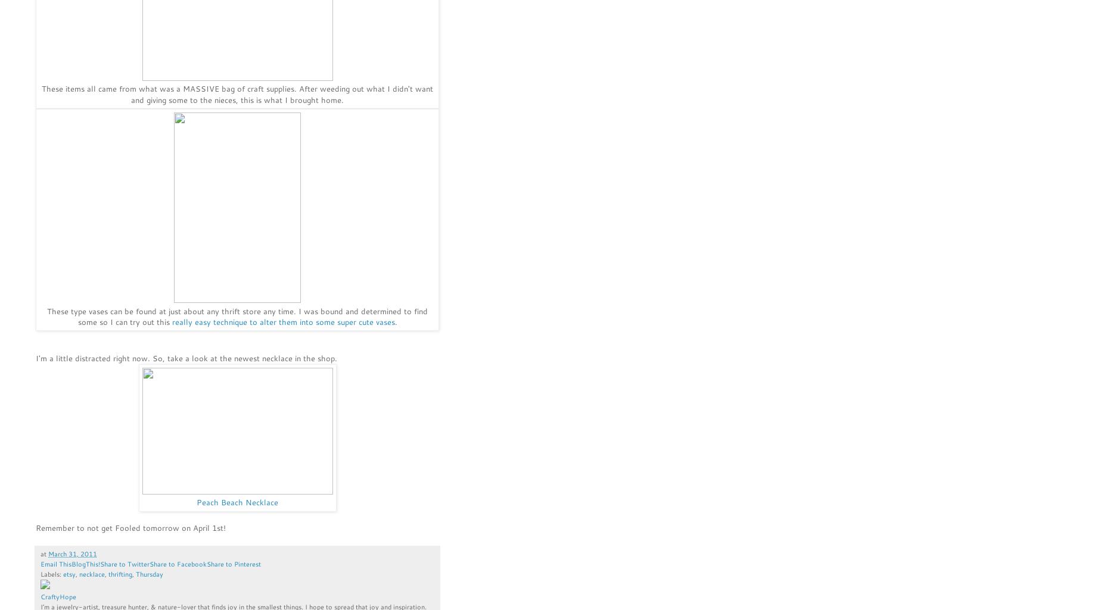 The width and height of the screenshot is (1107, 610). Describe the element at coordinates (124, 564) in the screenshot. I see `'Share to Twitter'` at that location.